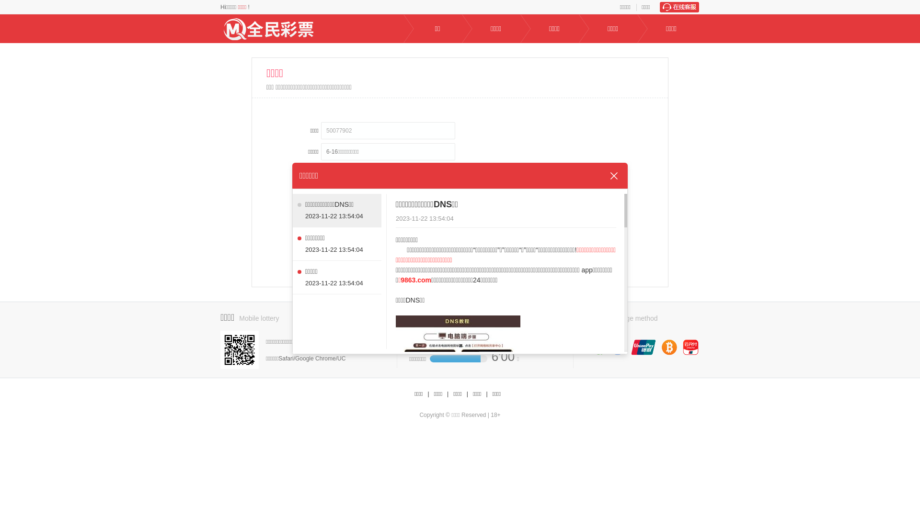 The width and height of the screenshot is (920, 517). What do you see at coordinates (486, 394) in the screenshot?
I see `'|'` at bounding box center [486, 394].